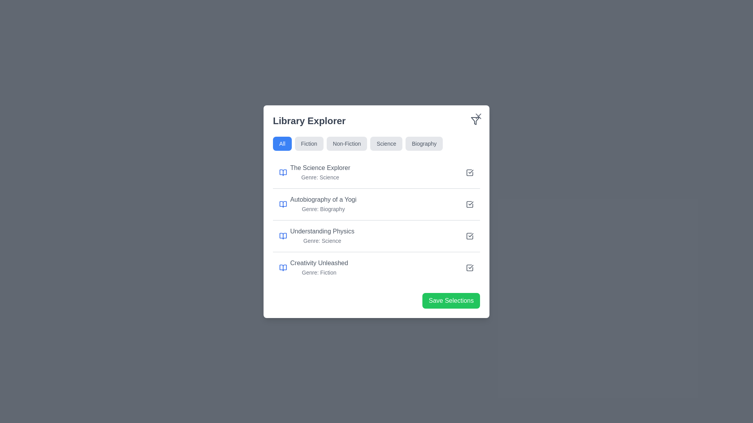  Describe the element at coordinates (322, 240) in the screenshot. I see `genre label indicating the categorization of the 'Understanding Physics' item, which is the third item down in the list, located below 'Autobiography of a Yogi' and above 'Creativity Unleashed'` at that location.